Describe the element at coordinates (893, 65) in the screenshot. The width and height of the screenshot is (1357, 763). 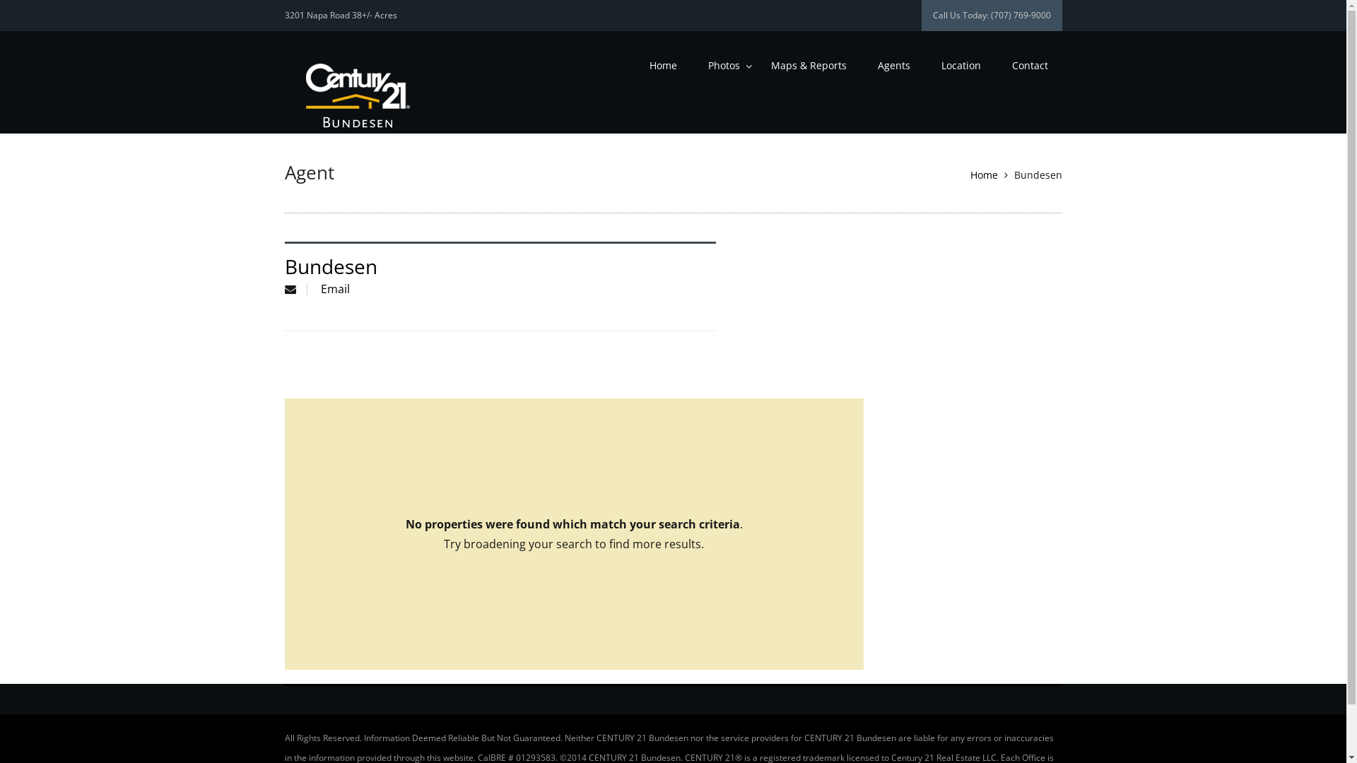
I see `'Agents'` at that location.